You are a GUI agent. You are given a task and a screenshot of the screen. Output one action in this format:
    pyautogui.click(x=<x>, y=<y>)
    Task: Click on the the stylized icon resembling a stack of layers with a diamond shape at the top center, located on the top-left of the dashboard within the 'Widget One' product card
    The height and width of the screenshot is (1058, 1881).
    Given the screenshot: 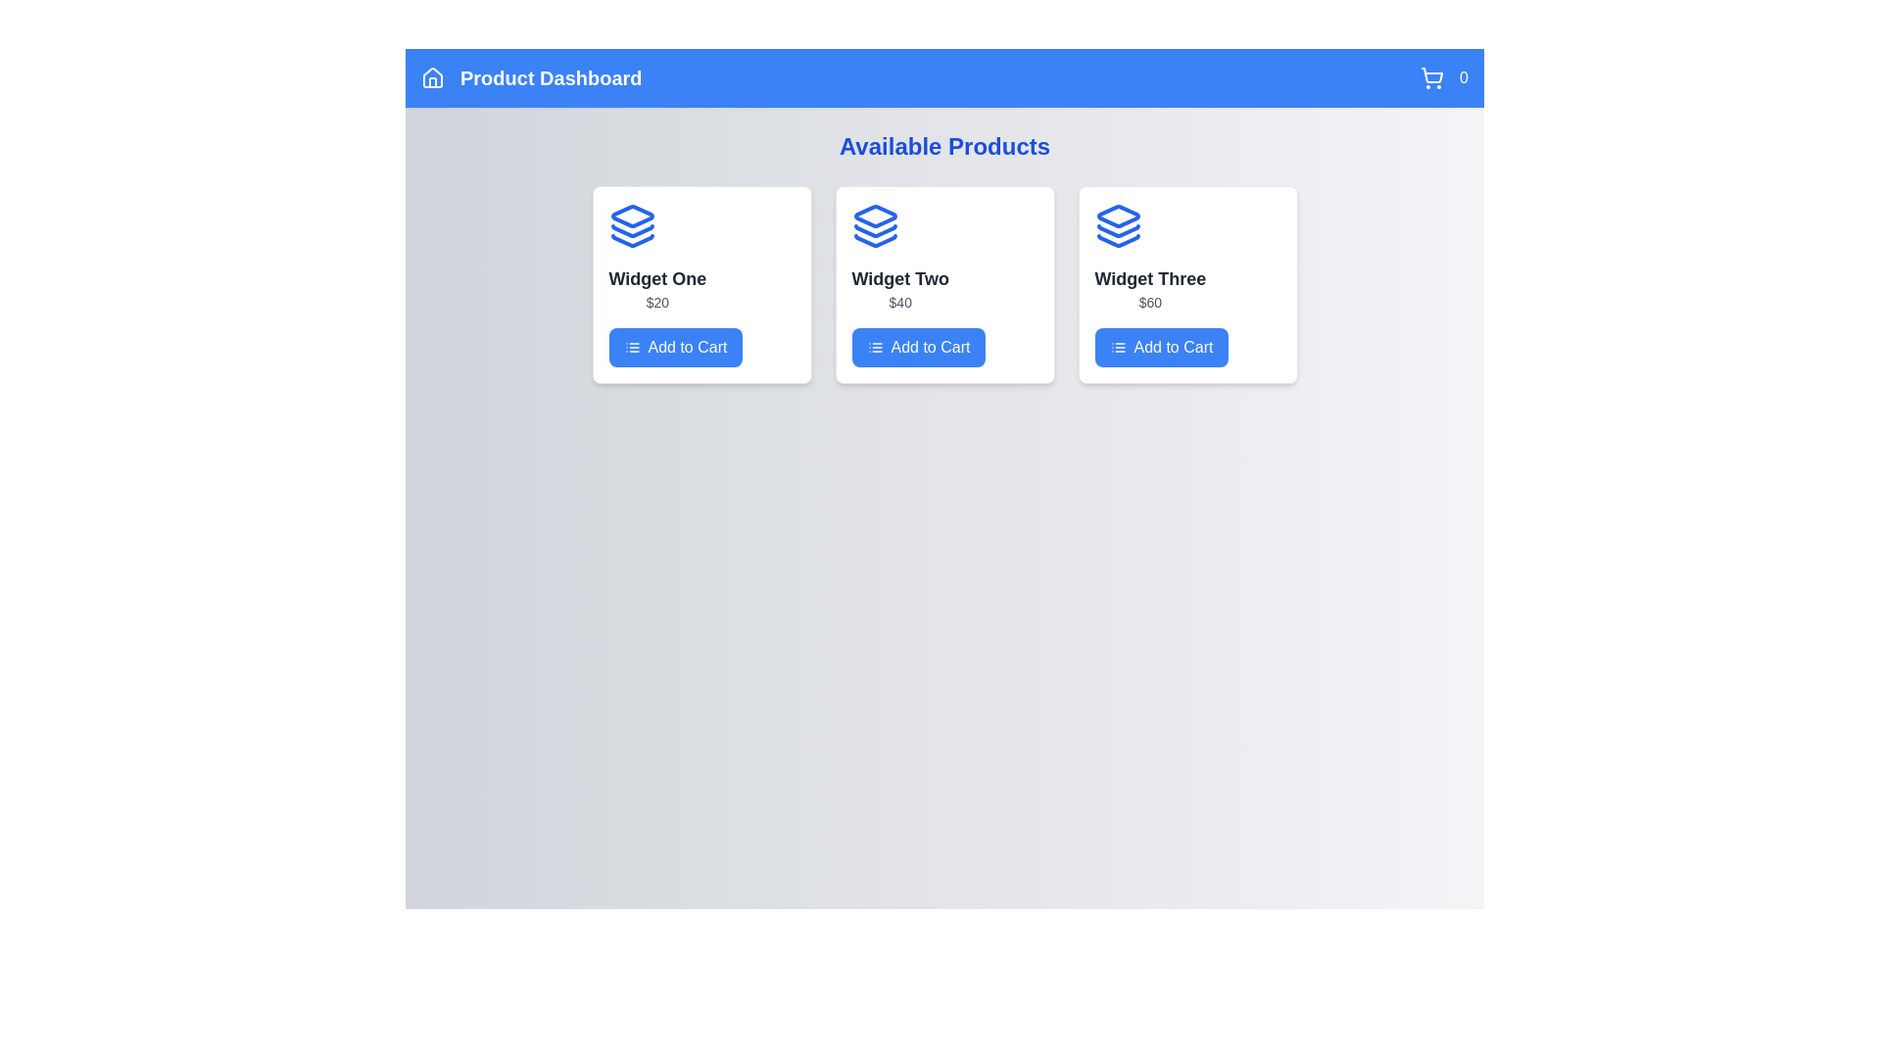 What is the action you would take?
    pyautogui.click(x=632, y=216)
    